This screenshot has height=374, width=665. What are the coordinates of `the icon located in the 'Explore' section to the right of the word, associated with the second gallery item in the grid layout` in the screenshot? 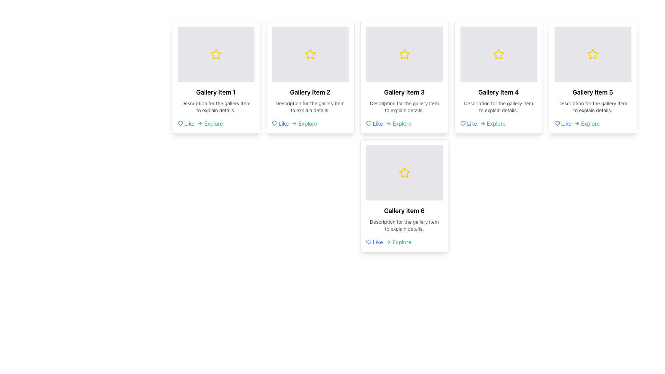 It's located at (294, 123).